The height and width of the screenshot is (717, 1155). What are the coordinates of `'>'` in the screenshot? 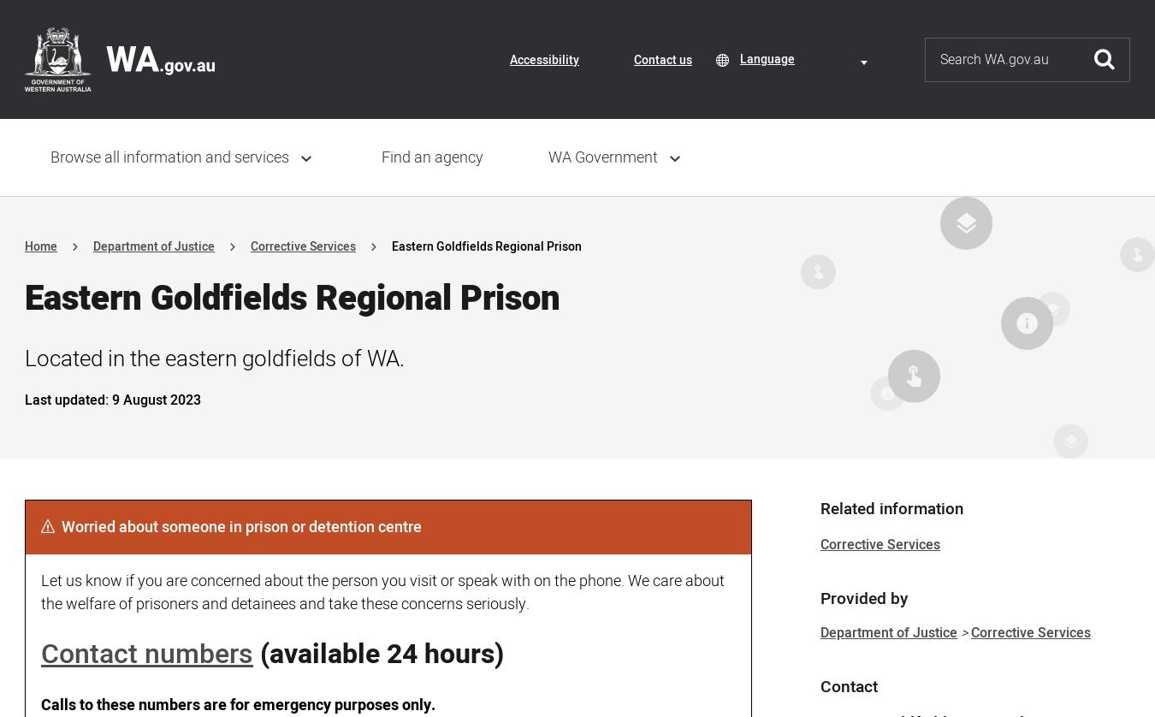 It's located at (962, 632).